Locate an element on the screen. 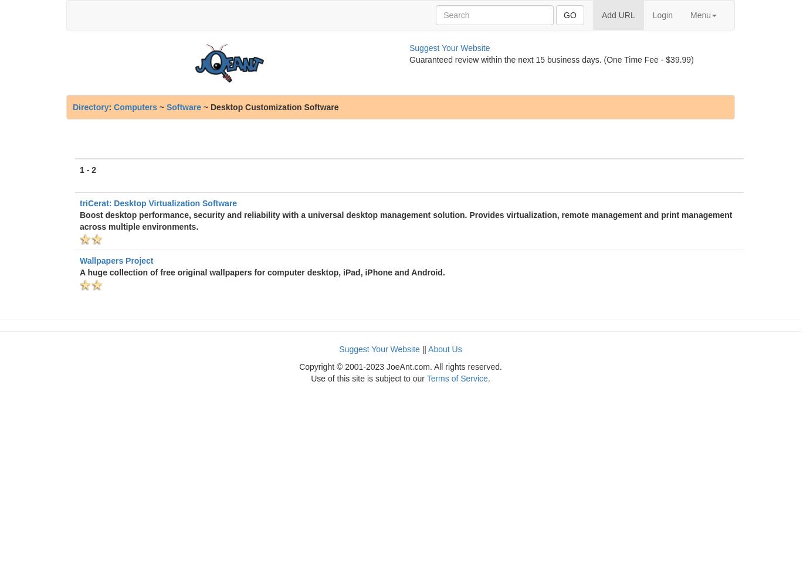 The image size is (810, 586). 'Login' is located at coordinates (661, 15).